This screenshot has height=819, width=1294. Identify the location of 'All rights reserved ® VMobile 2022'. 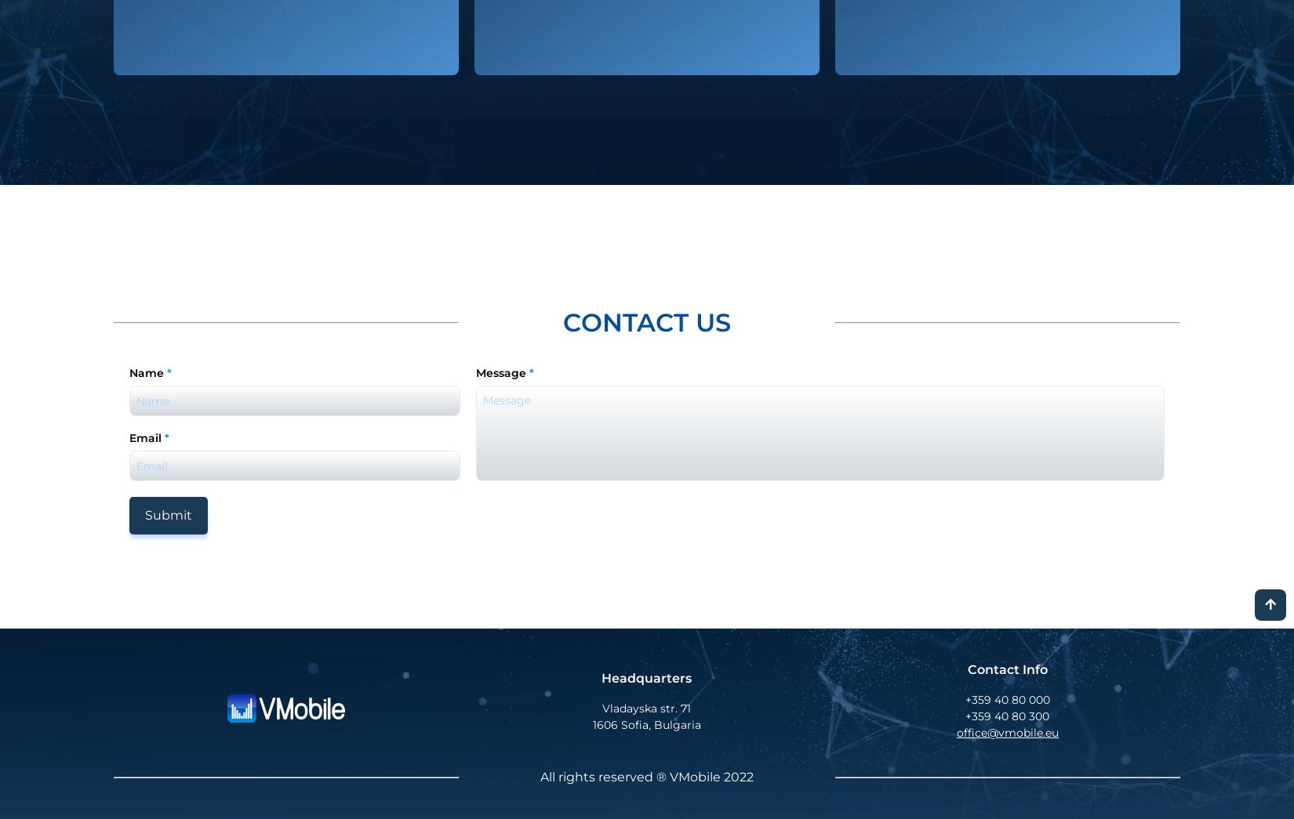
(645, 777).